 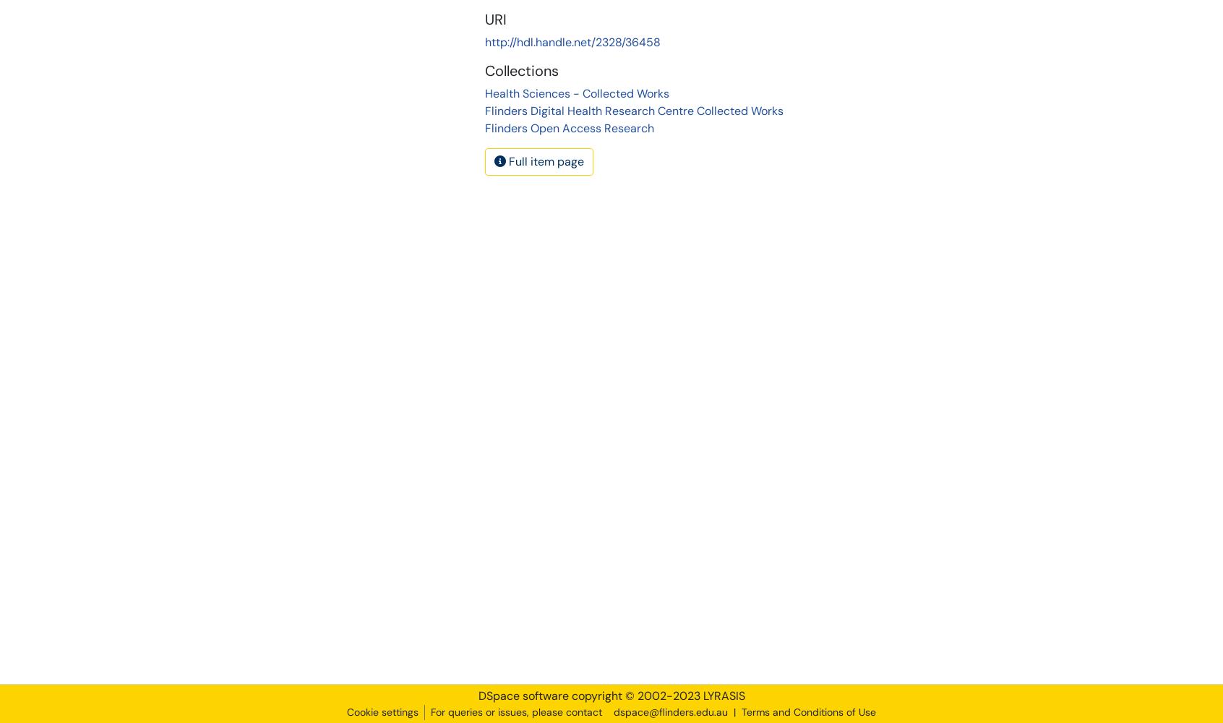 What do you see at coordinates (382, 711) in the screenshot?
I see `'Cookie settings'` at bounding box center [382, 711].